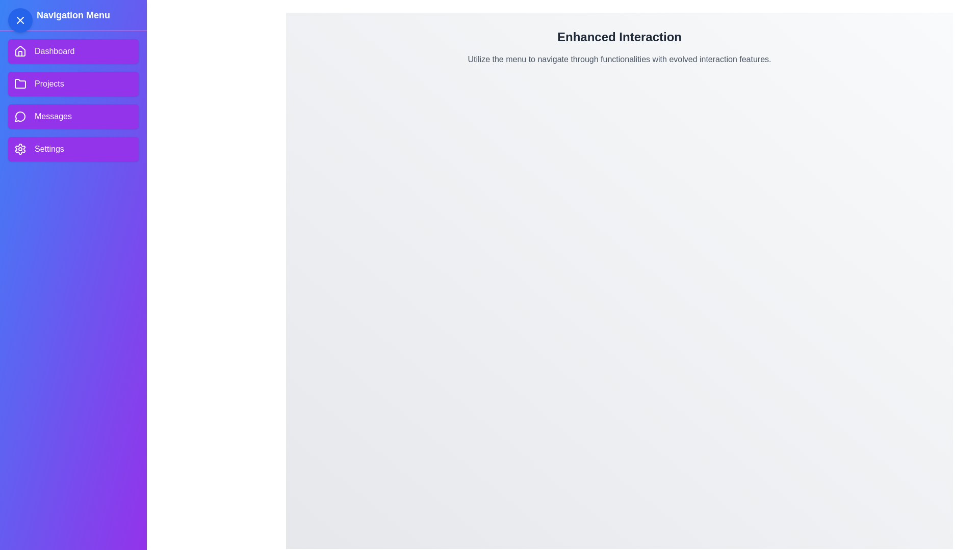  What do you see at coordinates (73, 149) in the screenshot?
I see `the Settings menu item in the navigation drawer` at bounding box center [73, 149].